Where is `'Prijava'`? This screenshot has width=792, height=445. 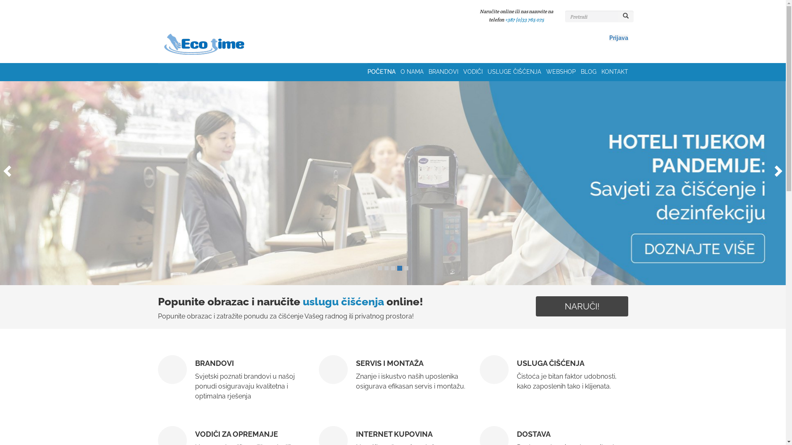 'Prijava' is located at coordinates (618, 38).